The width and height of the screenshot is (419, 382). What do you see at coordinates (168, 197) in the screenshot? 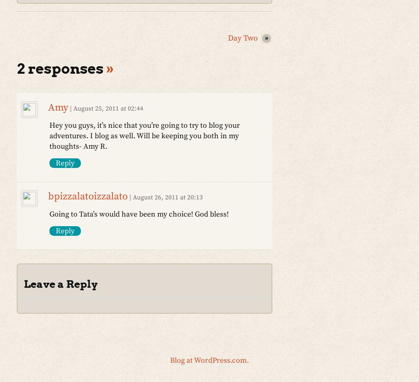
I see `'August 26, 2011 at 20:13'` at bounding box center [168, 197].